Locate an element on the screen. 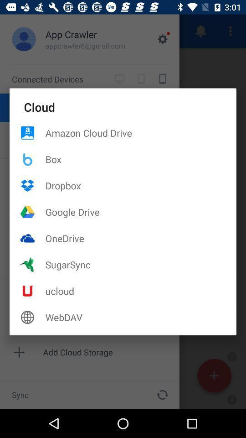 This screenshot has width=246, height=438. the item above onedrive is located at coordinates (141, 212).